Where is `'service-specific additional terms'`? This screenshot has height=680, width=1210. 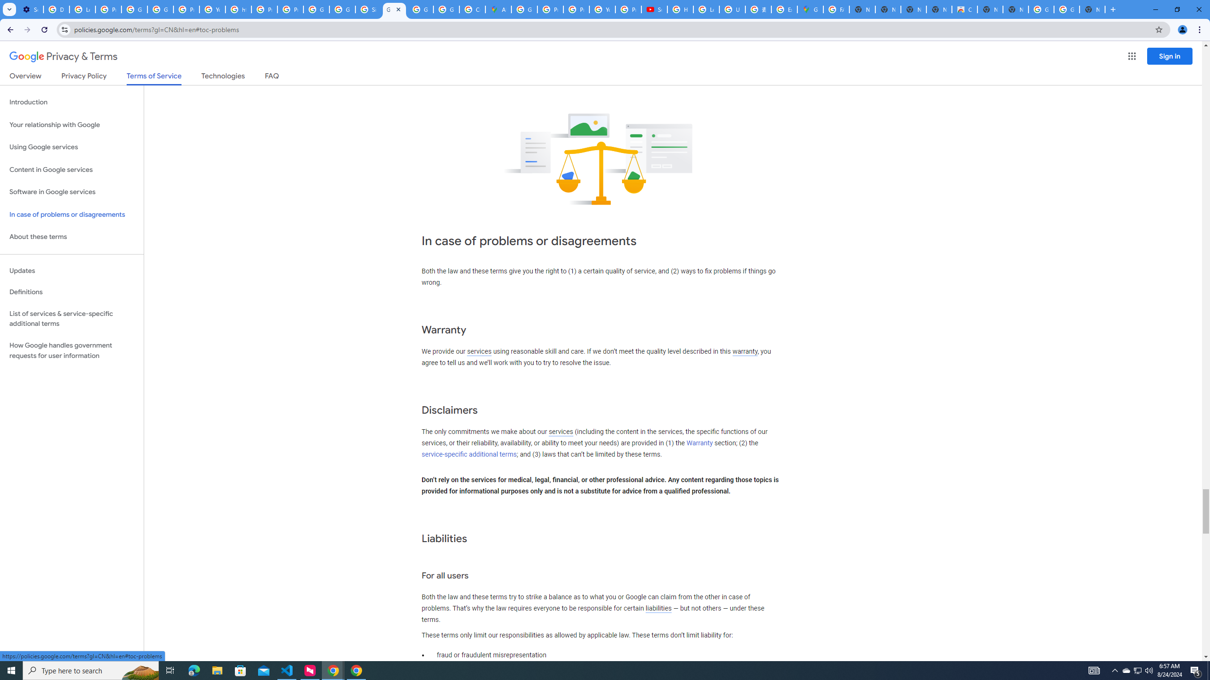 'service-specific additional terms' is located at coordinates (468, 454).